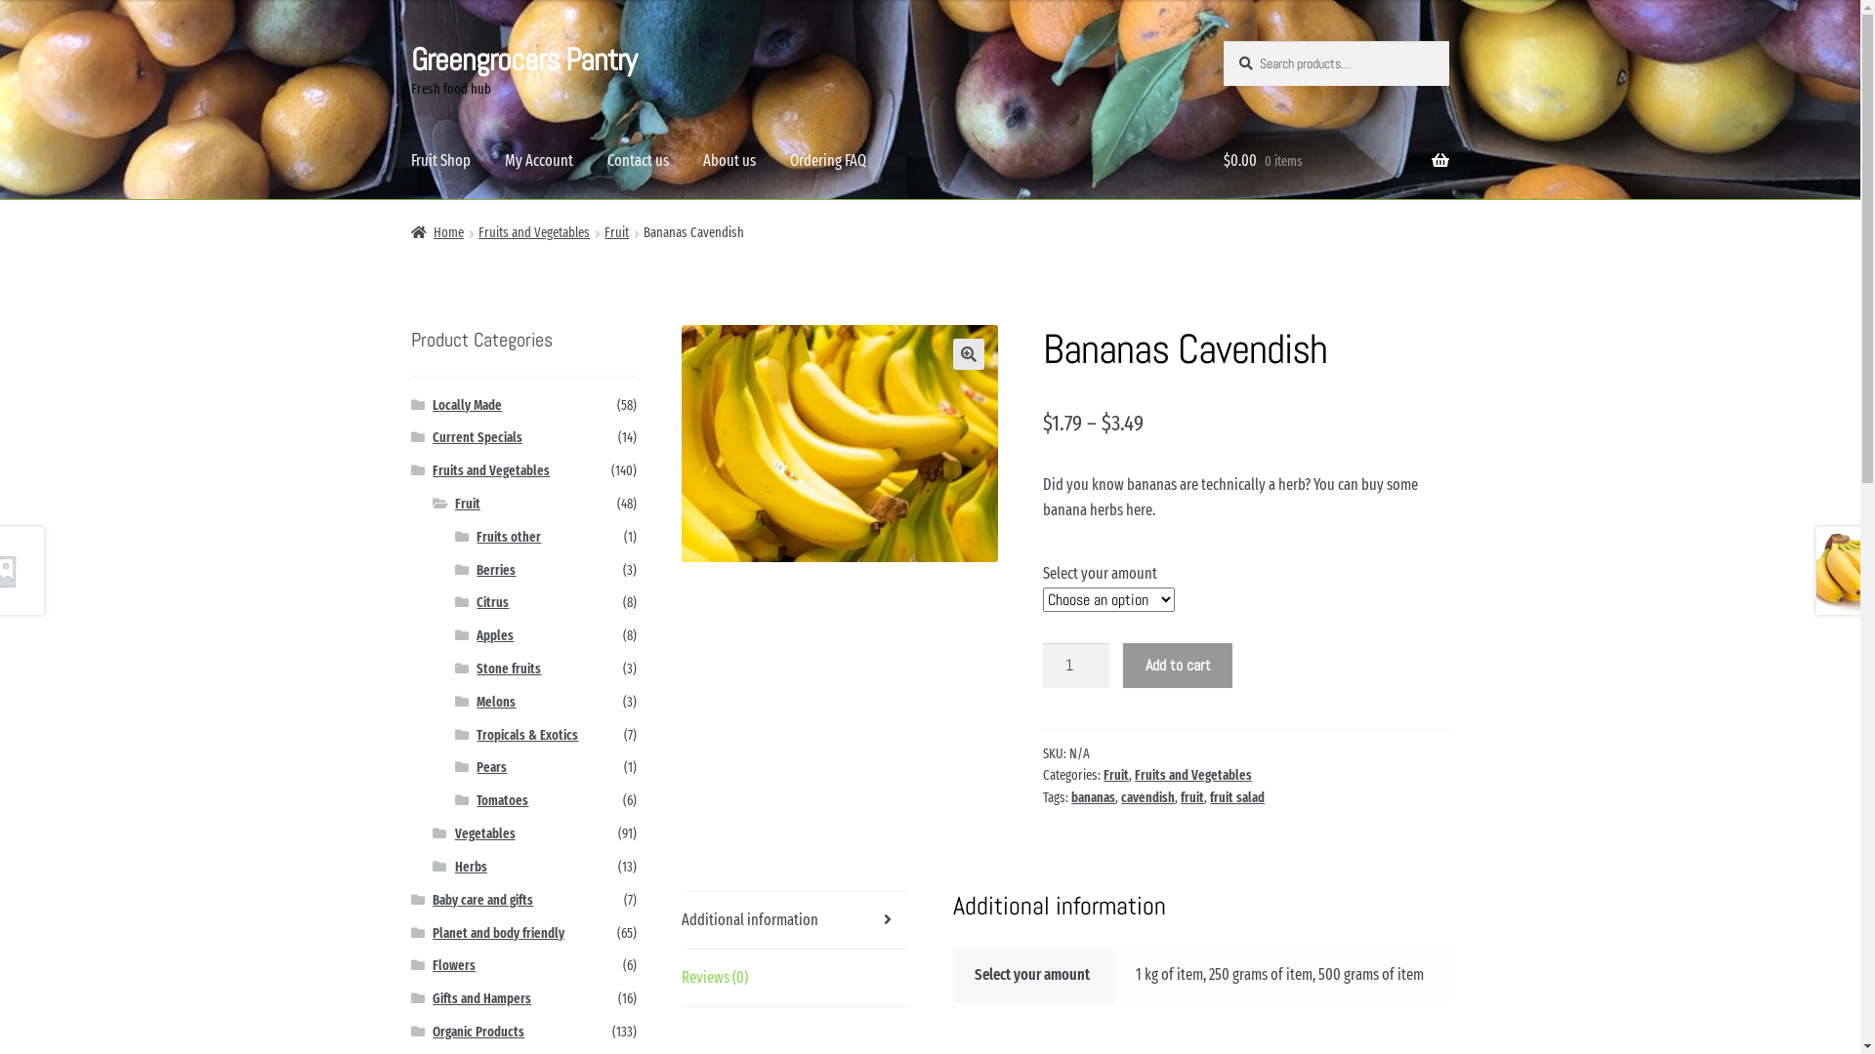 The image size is (1875, 1054). I want to click on 'Apples', so click(495, 635).